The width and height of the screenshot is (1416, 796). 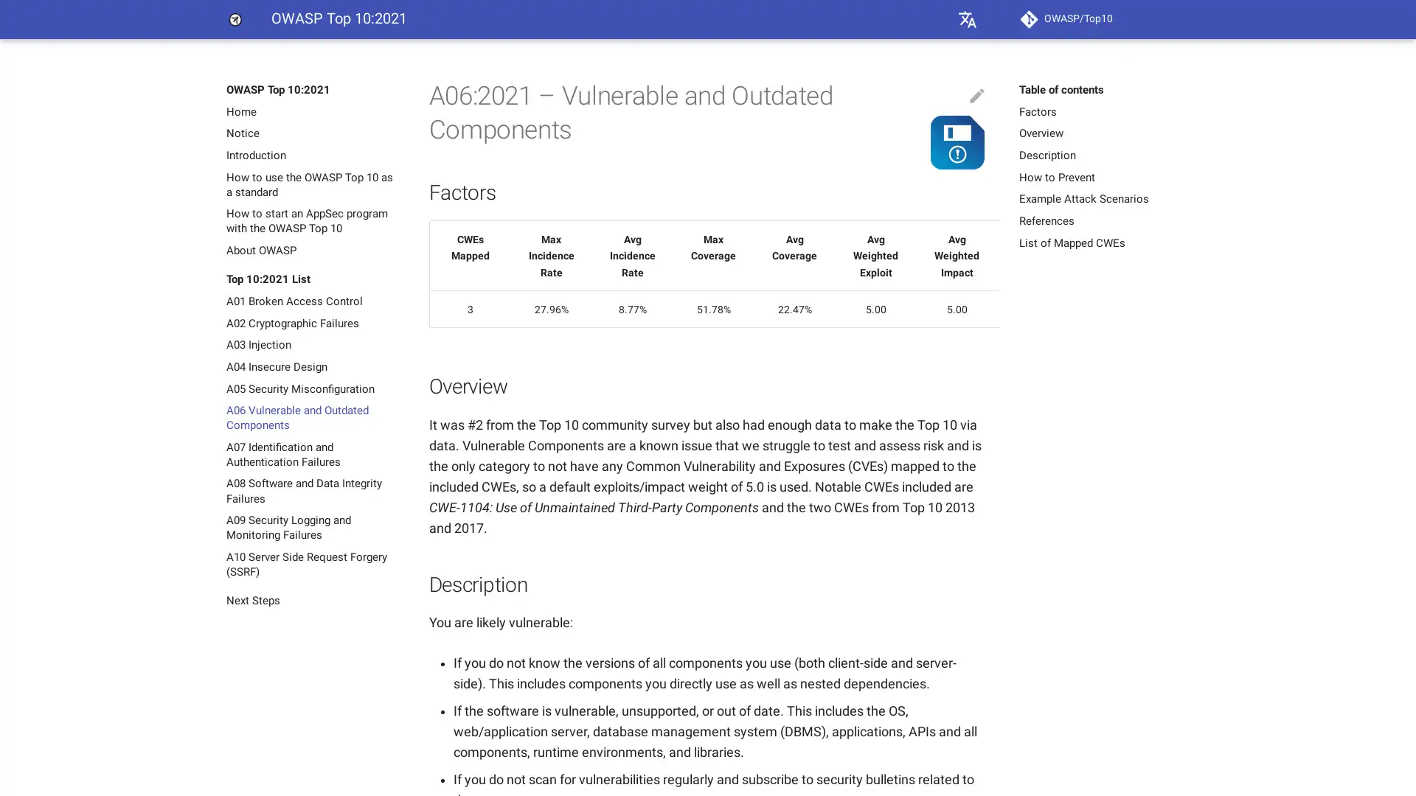 What do you see at coordinates (967, 19) in the screenshot?
I see `Select language` at bounding box center [967, 19].